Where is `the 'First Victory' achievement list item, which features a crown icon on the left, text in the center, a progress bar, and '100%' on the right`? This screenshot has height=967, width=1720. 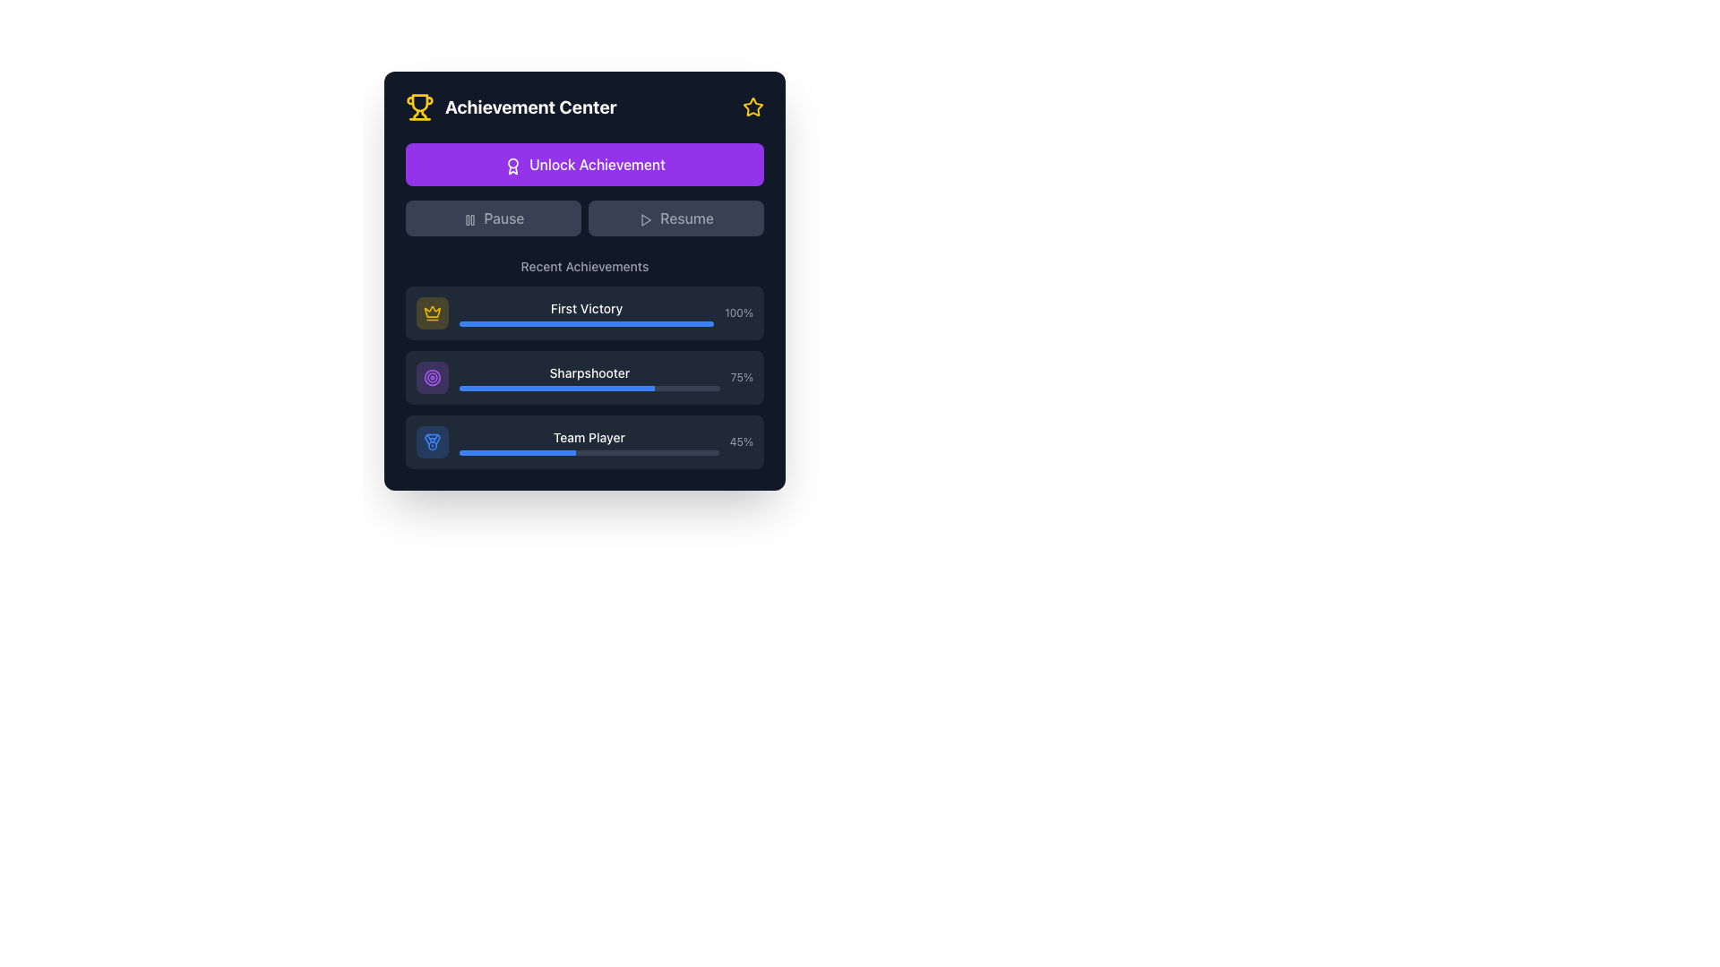 the 'First Victory' achievement list item, which features a crown icon on the left, text in the center, a progress bar, and '100%' on the right is located at coordinates (584, 312).